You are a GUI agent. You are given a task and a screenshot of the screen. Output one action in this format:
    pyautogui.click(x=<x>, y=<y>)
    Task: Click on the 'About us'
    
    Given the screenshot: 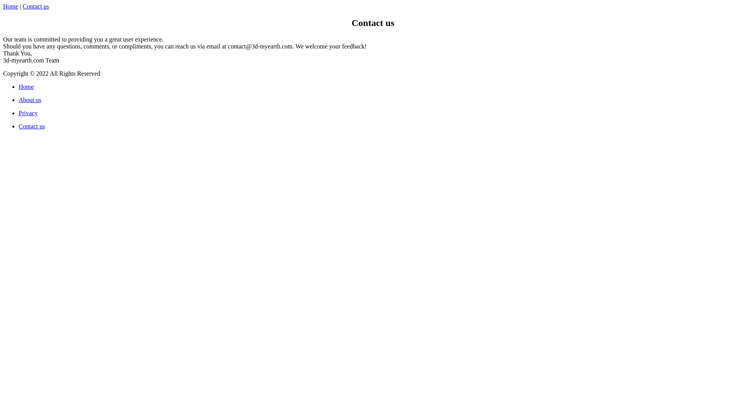 What is the action you would take?
    pyautogui.click(x=19, y=99)
    